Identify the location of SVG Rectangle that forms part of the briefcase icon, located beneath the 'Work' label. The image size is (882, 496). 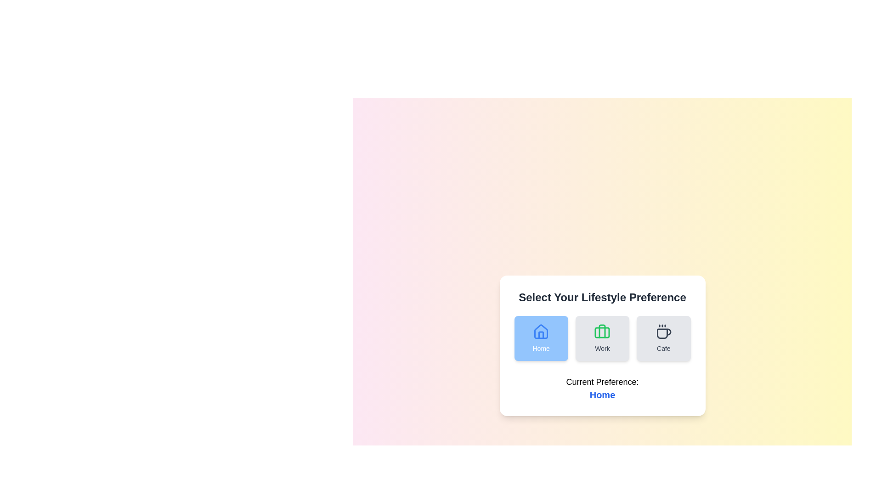
(602, 333).